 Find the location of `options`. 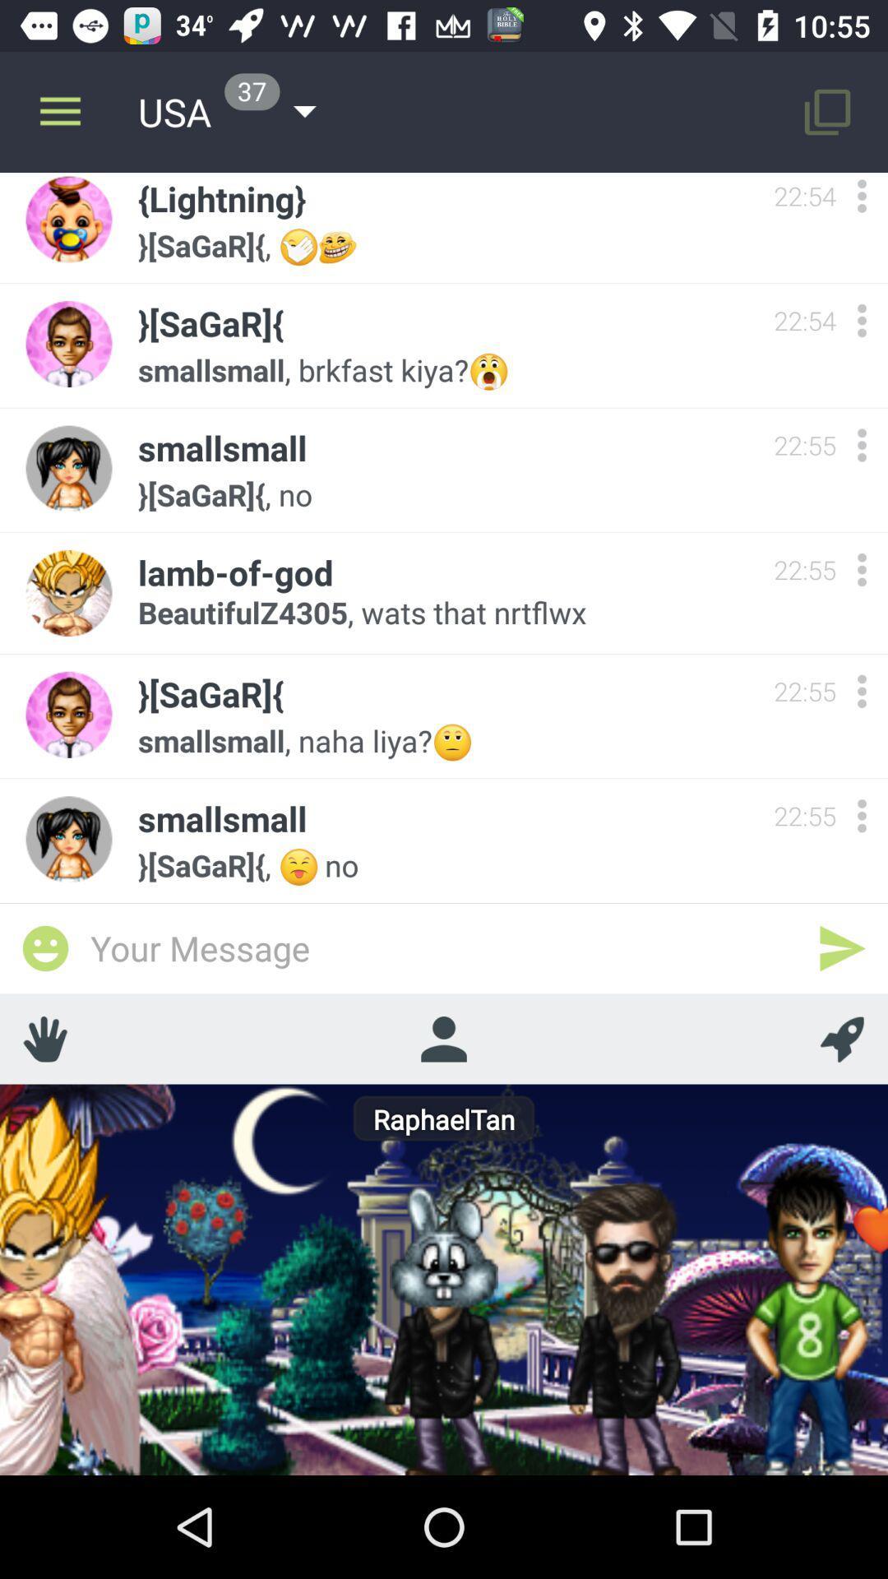

options is located at coordinates (861, 320).